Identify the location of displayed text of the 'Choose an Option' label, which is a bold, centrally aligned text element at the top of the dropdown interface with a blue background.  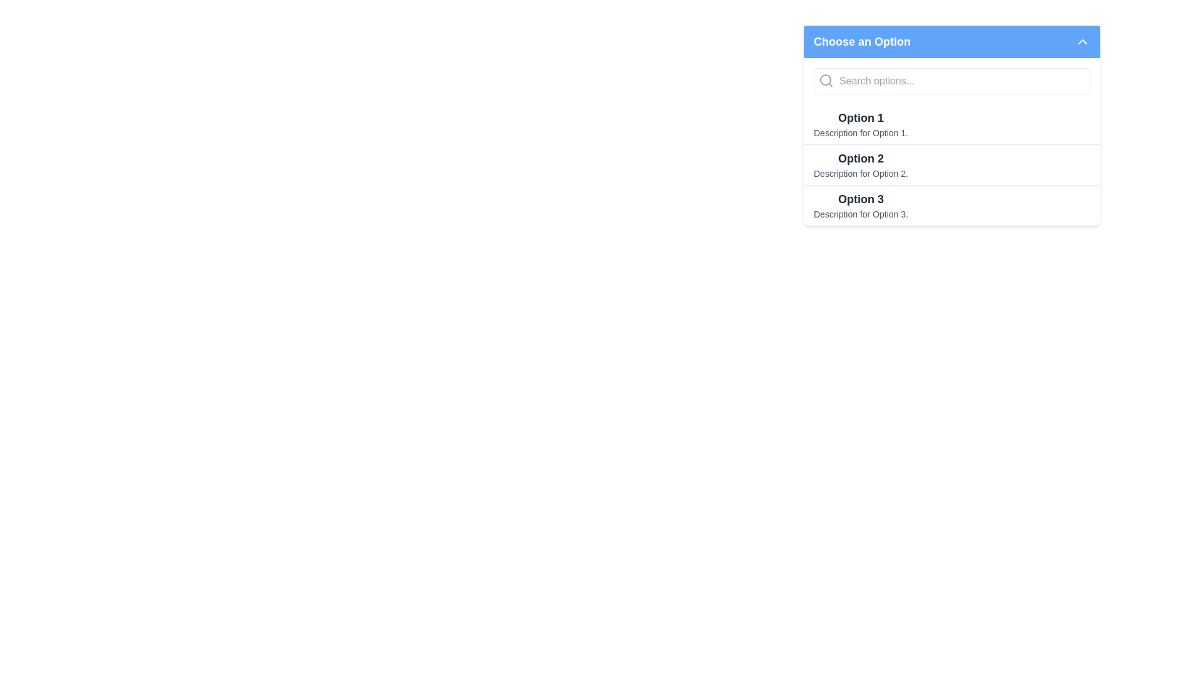
(861, 41).